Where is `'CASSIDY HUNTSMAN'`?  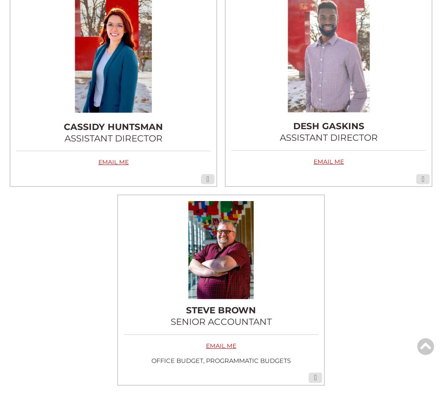
'CASSIDY HUNTSMAN' is located at coordinates (63, 126).